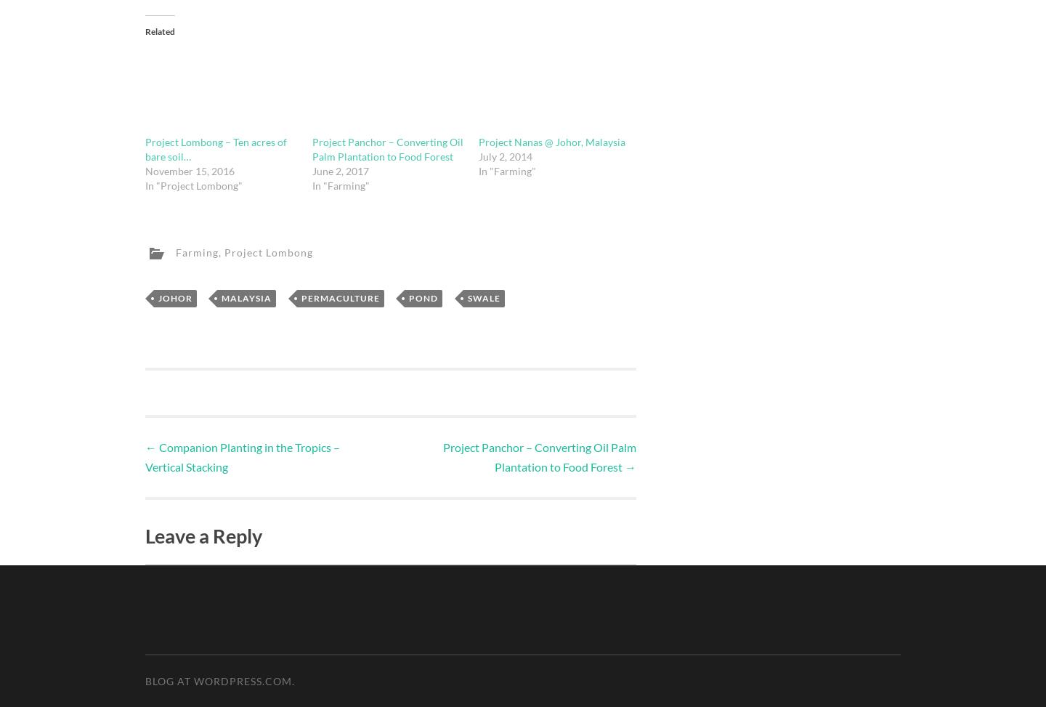  I want to click on 'Farming', so click(196, 251).